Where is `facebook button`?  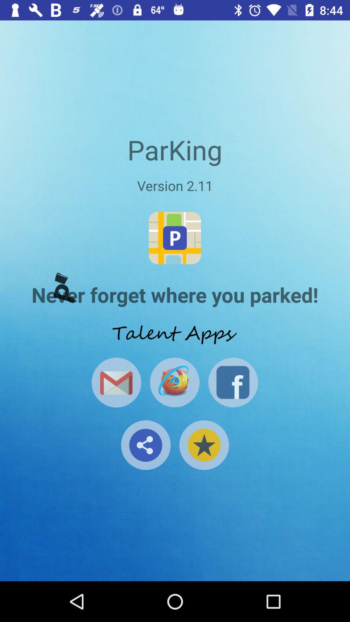 facebook button is located at coordinates (233, 382).